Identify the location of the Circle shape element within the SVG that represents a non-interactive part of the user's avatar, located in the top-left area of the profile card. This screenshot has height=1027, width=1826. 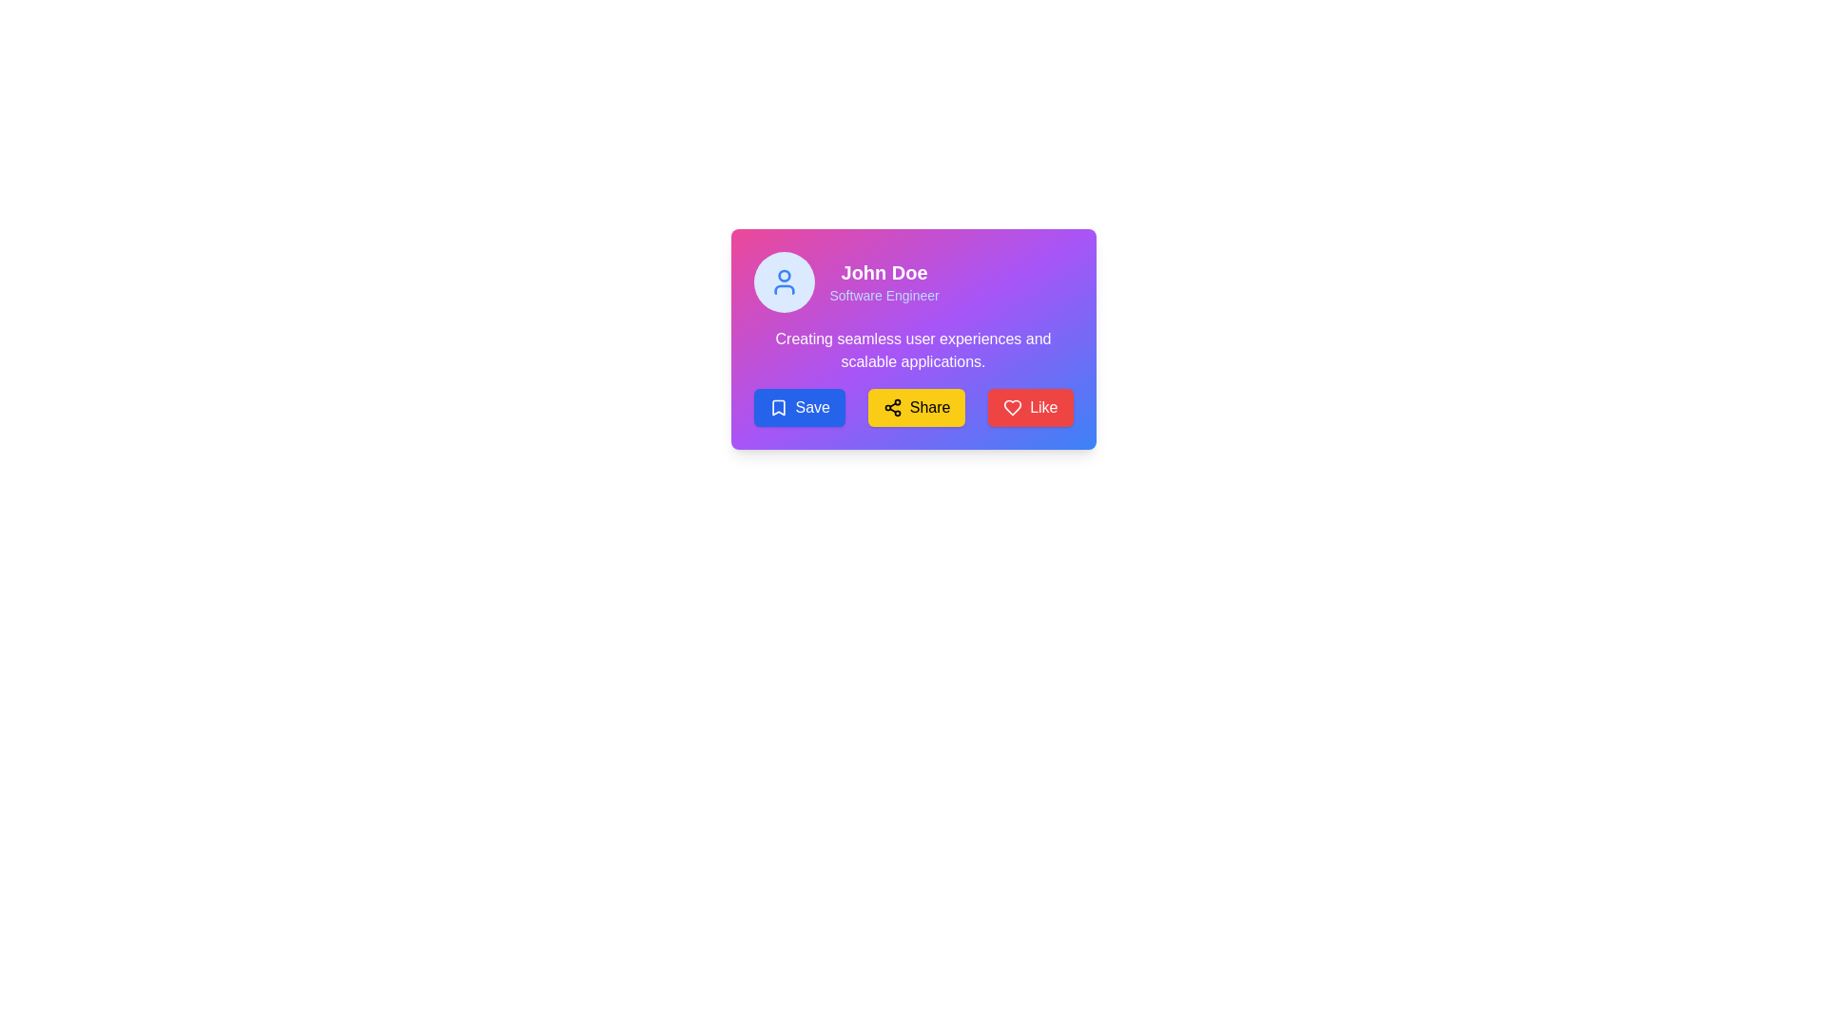
(784, 276).